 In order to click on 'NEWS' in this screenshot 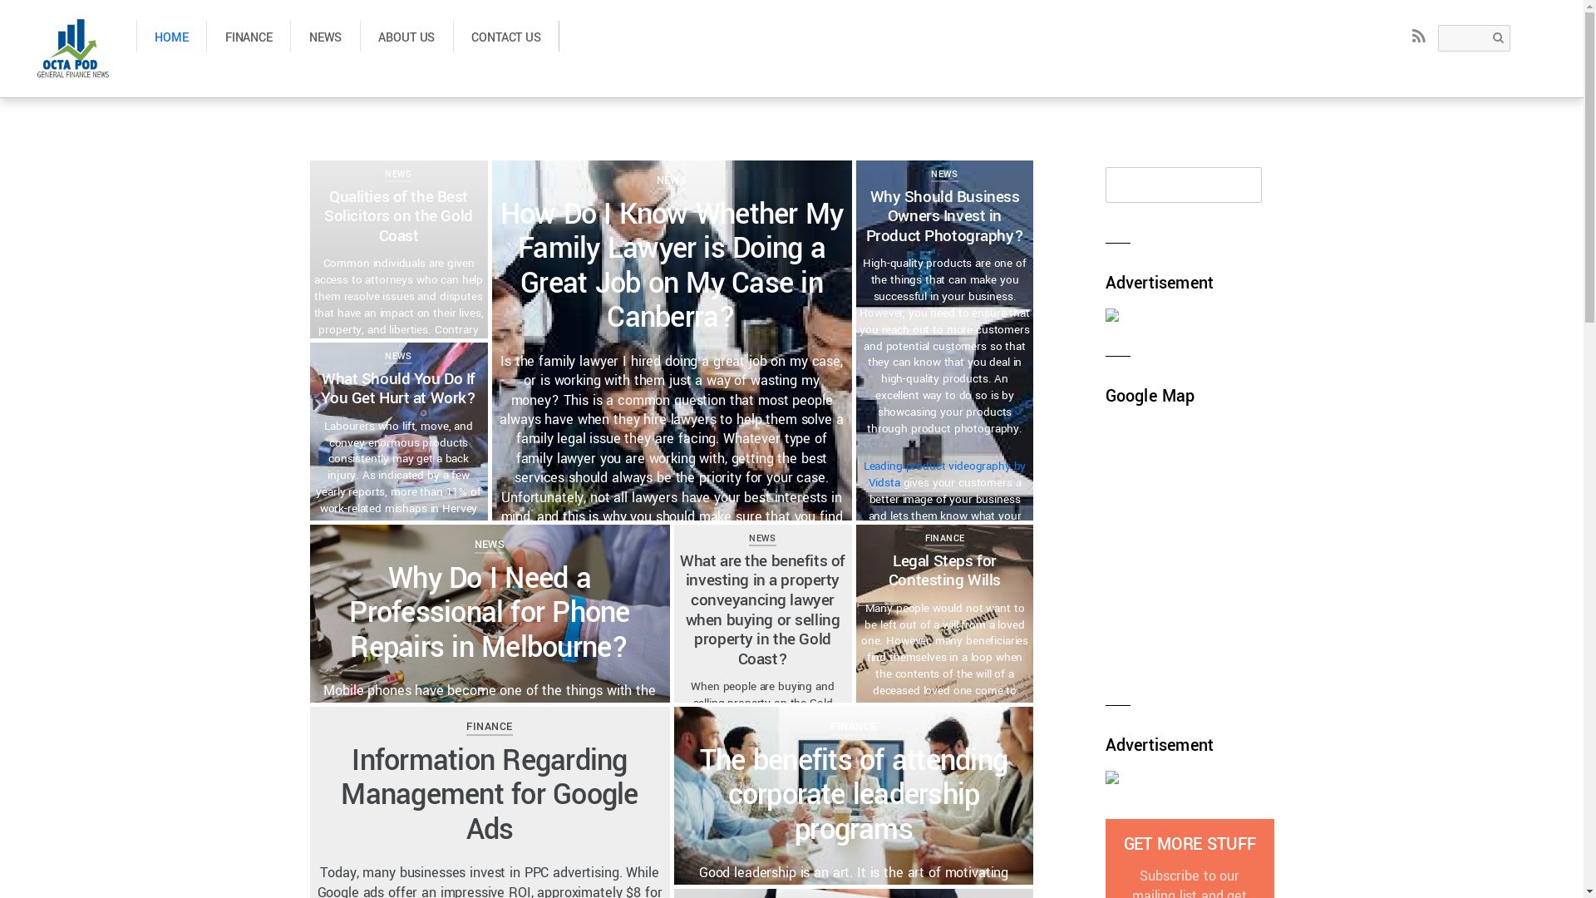, I will do `click(944, 174)`.